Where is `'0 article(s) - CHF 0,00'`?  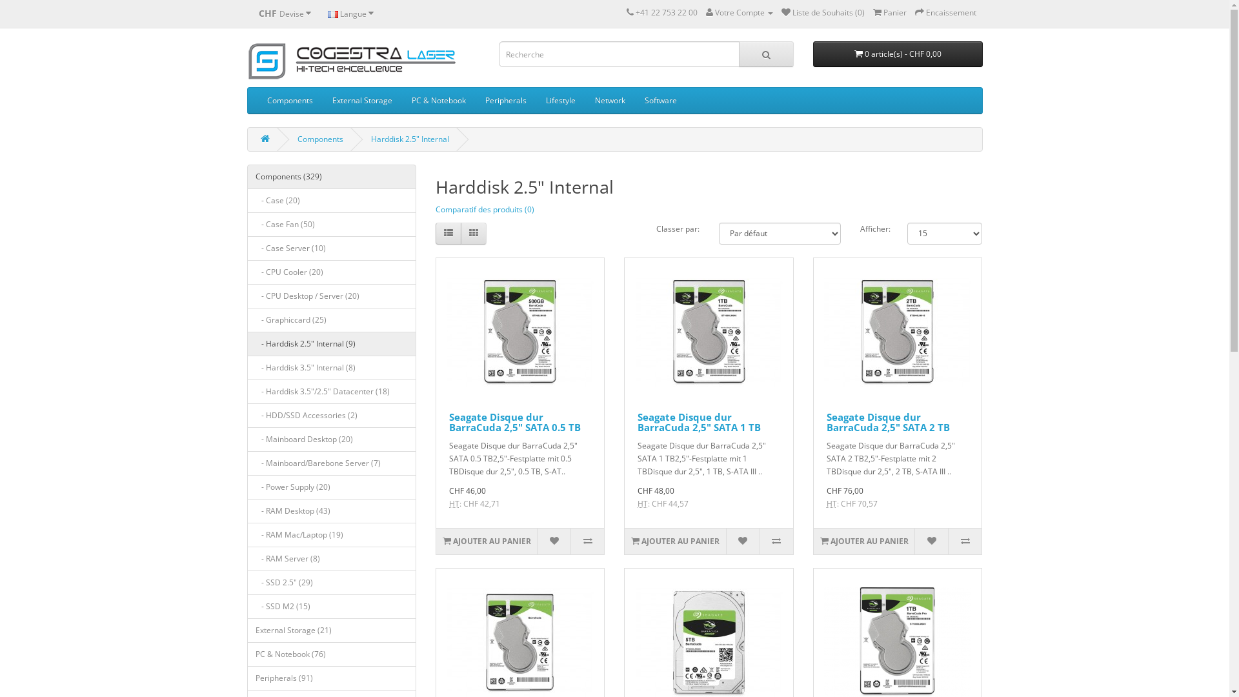 '0 article(s) - CHF 0,00' is located at coordinates (897, 54).